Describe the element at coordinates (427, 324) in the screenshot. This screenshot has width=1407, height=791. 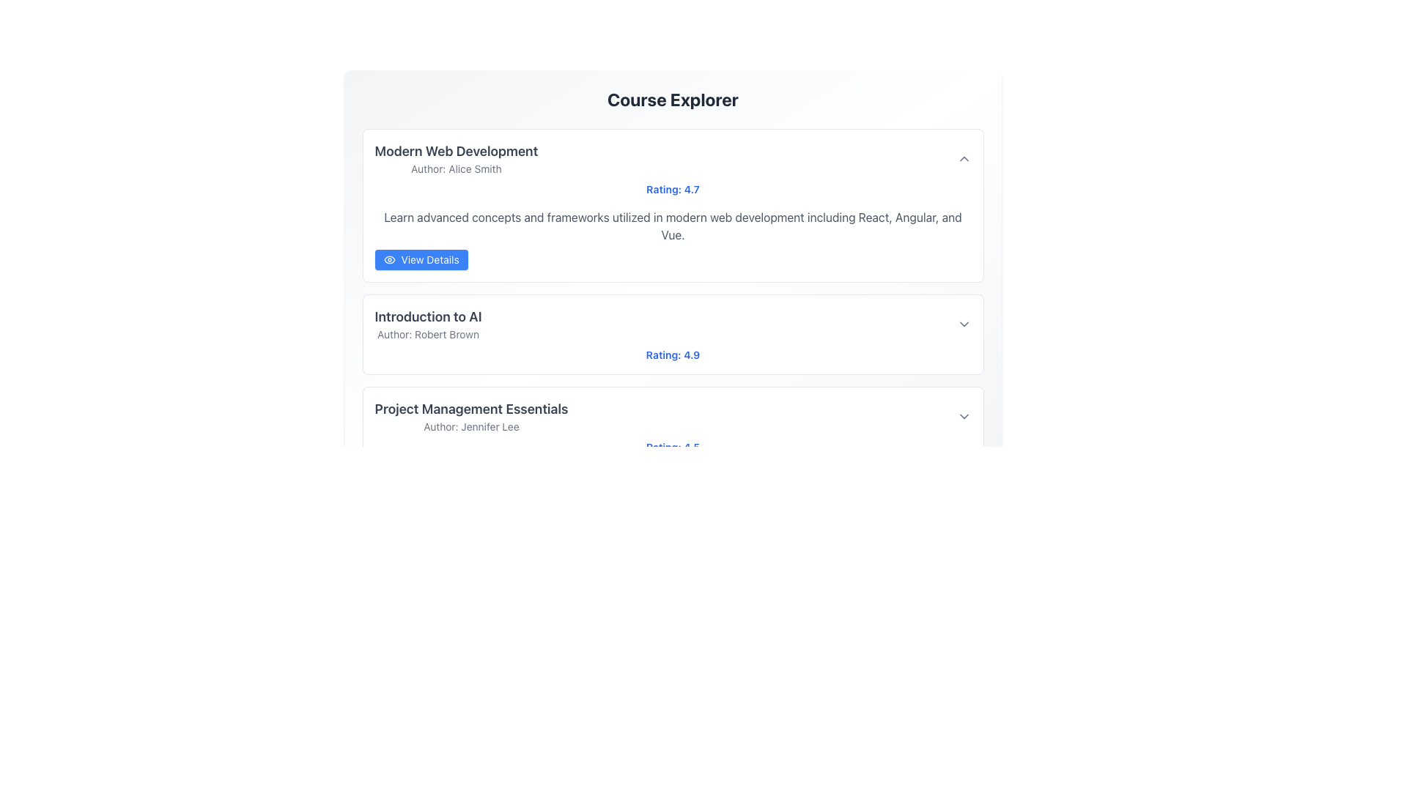
I see `title 'Introduction to AI' and the author 'Robert Brown' from the informational text block, which is the second entry in the list of courses` at that location.